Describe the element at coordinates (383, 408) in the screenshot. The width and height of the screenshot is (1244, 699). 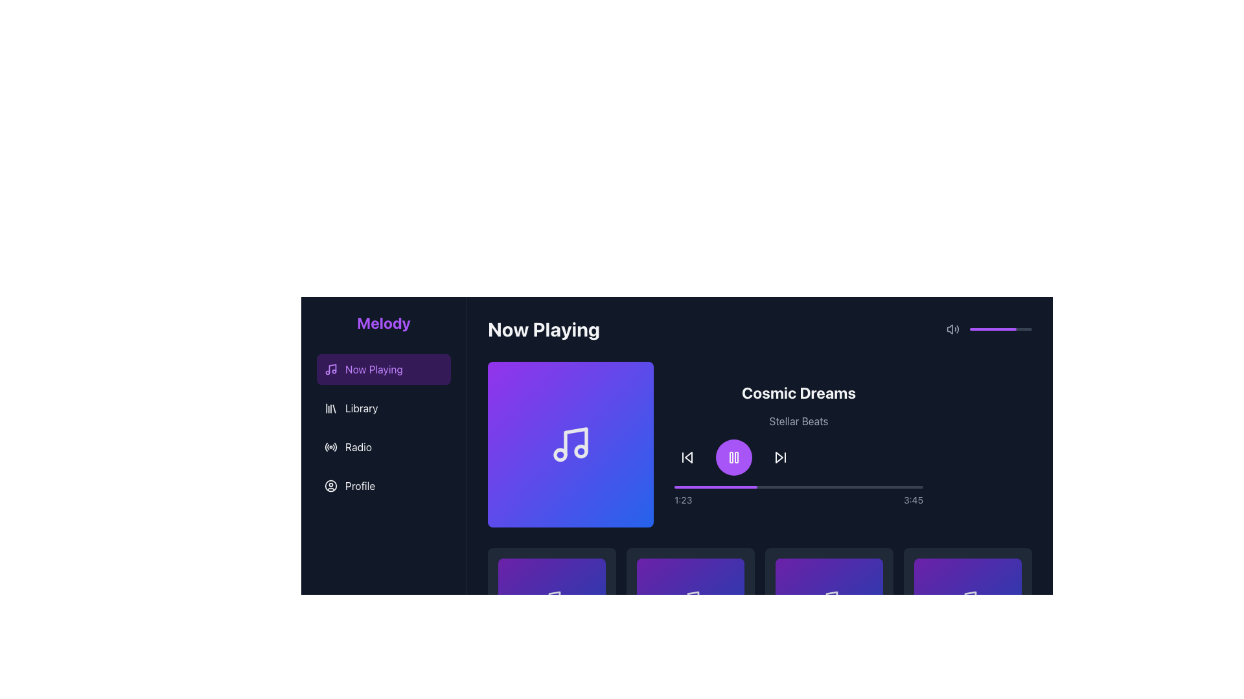
I see `the 'Library' navigation button located in the left sidebar, positioned between the 'Now Playing' and 'Radio' buttons` at that location.